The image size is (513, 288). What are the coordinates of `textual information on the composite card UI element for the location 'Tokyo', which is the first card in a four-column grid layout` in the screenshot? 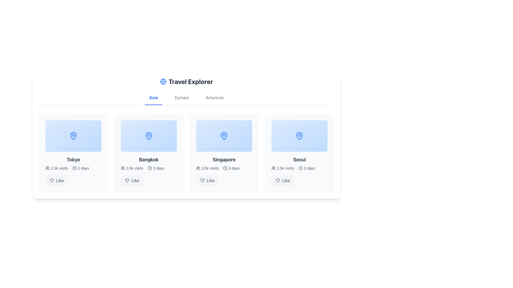 It's located at (73, 153).